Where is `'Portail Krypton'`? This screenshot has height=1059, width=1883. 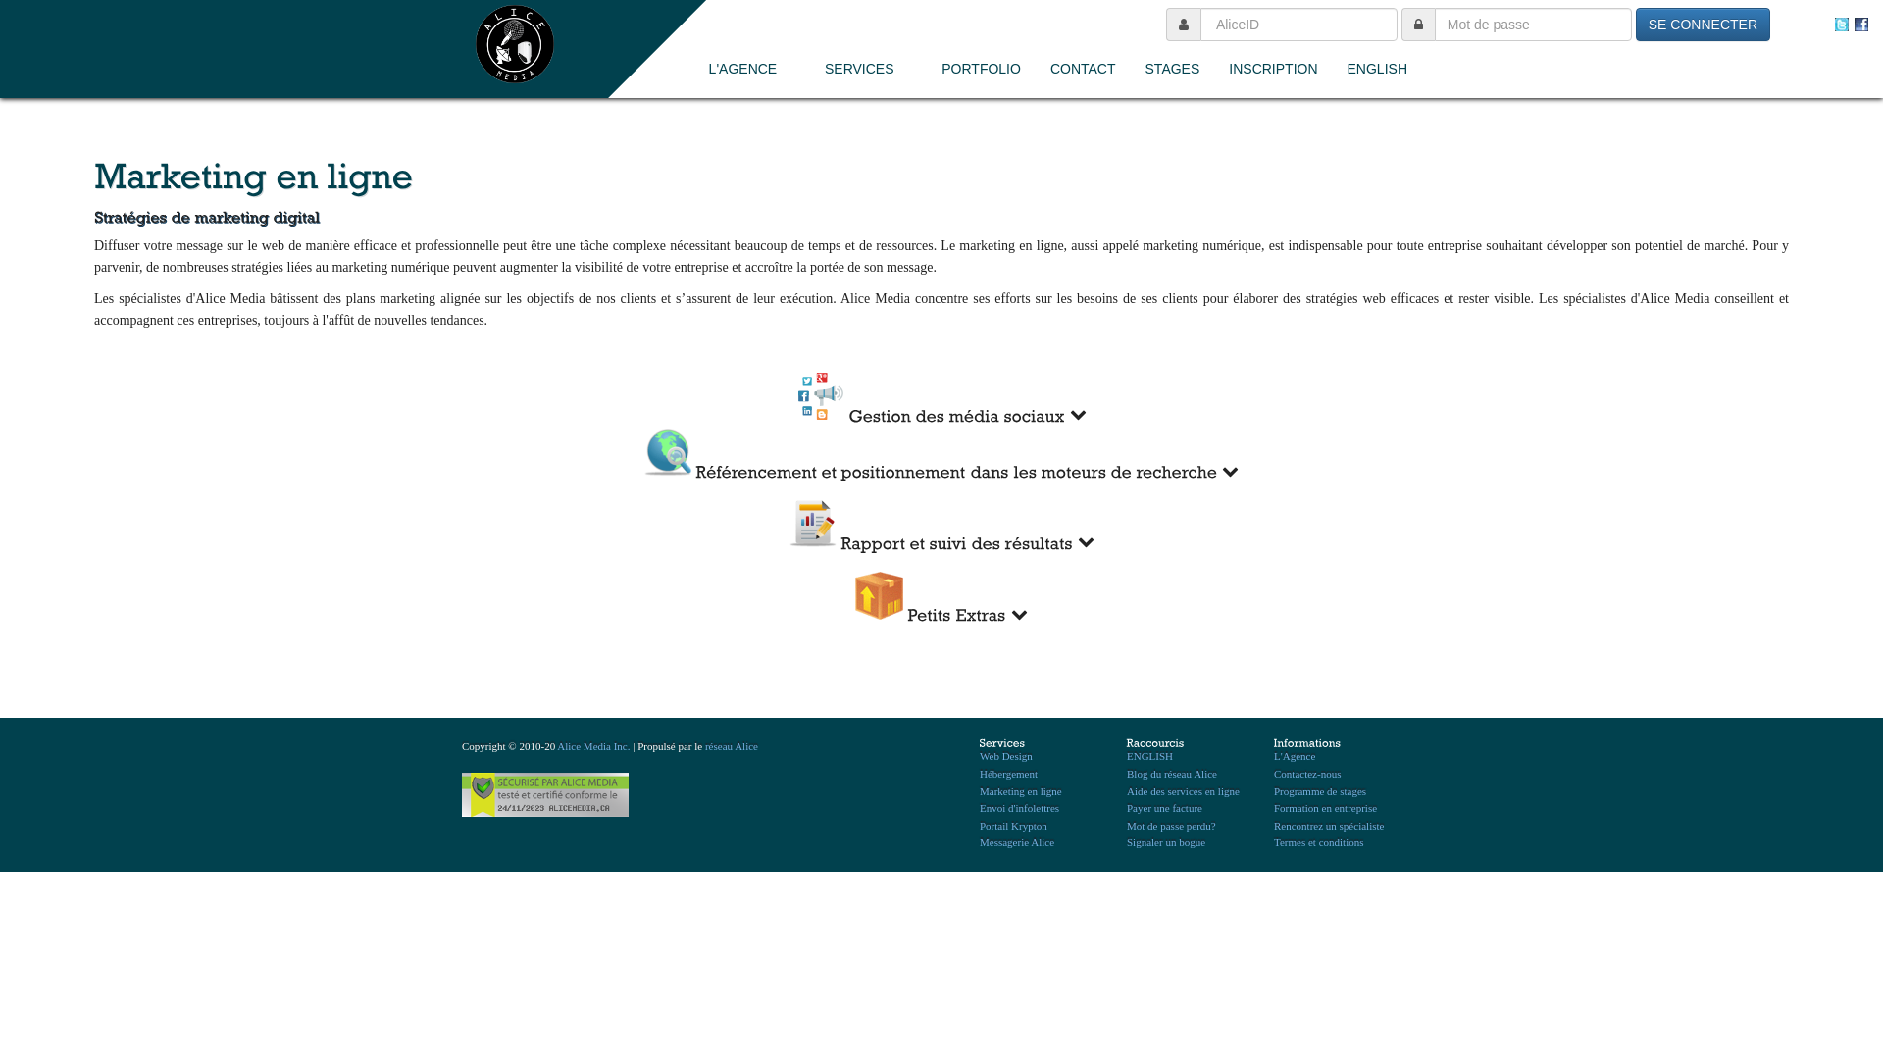 'Portail Krypton' is located at coordinates (1013, 825).